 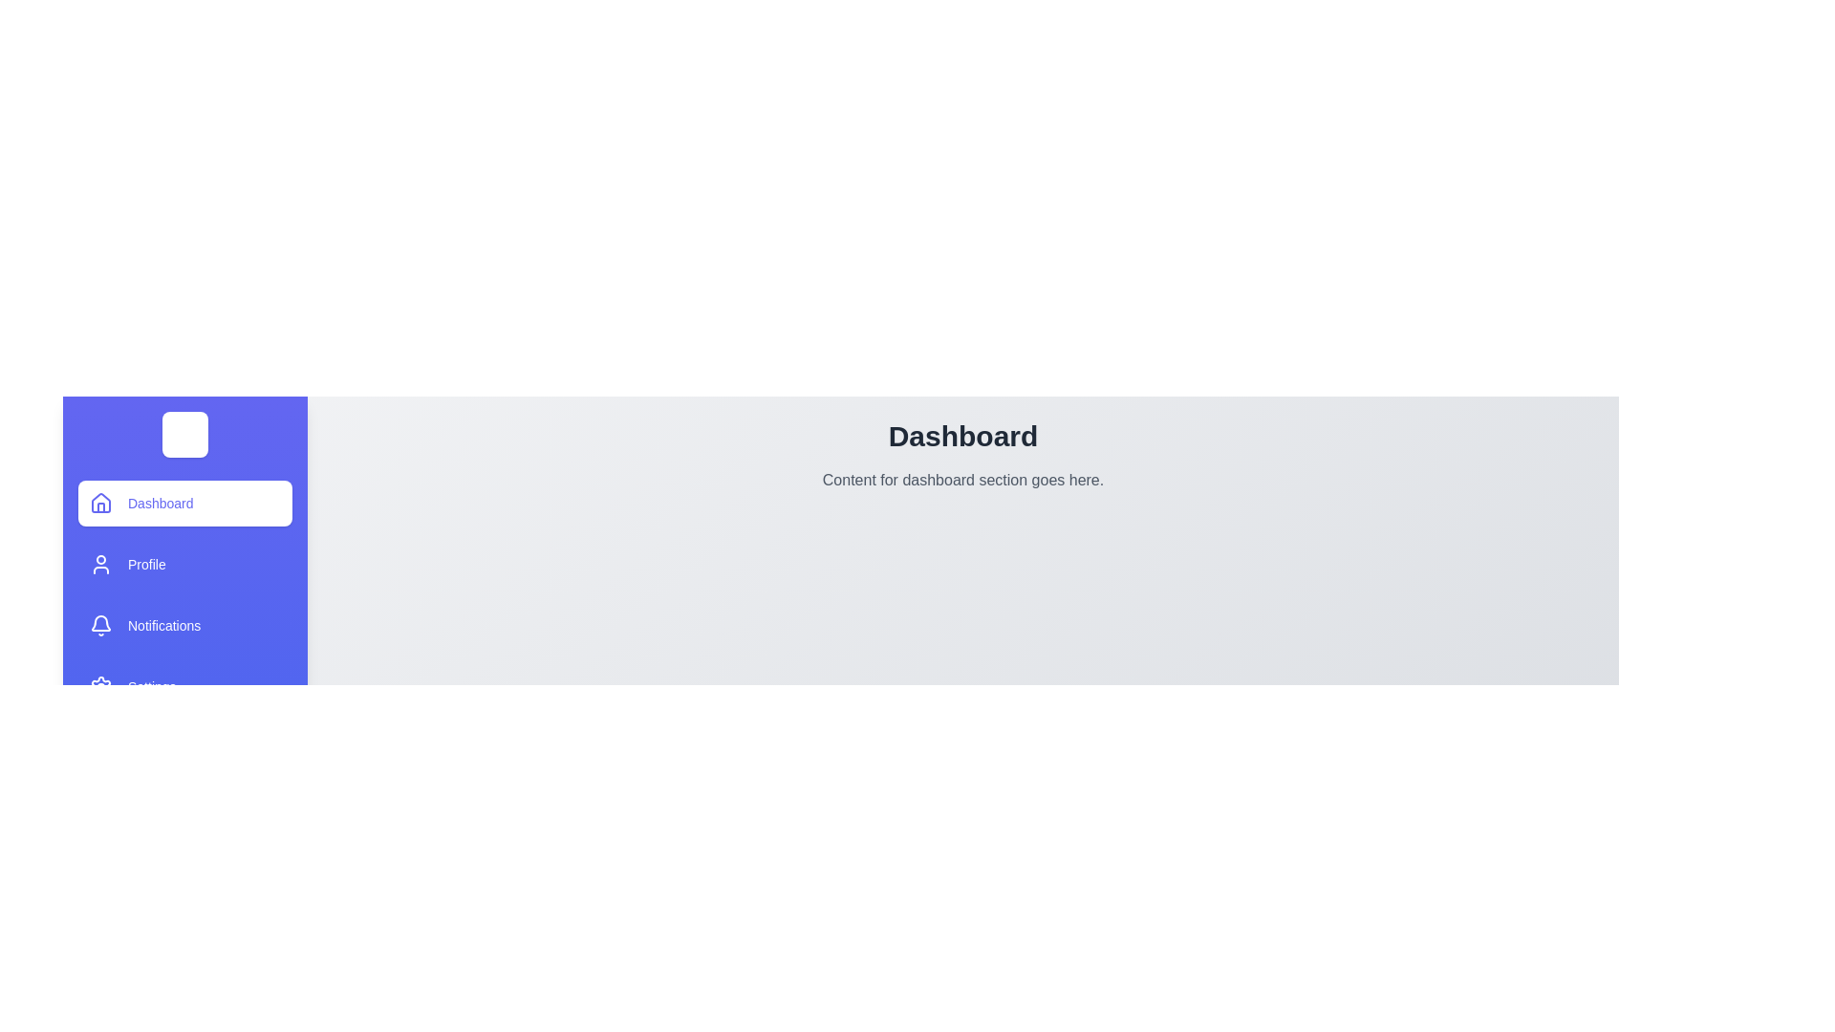 What do you see at coordinates (184, 503) in the screenshot?
I see `the tab labeled Dashboard from the drawer` at bounding box center [184, 503].